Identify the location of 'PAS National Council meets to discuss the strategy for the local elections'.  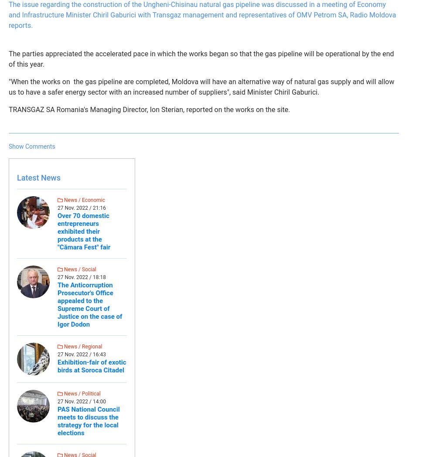
(58, 421).